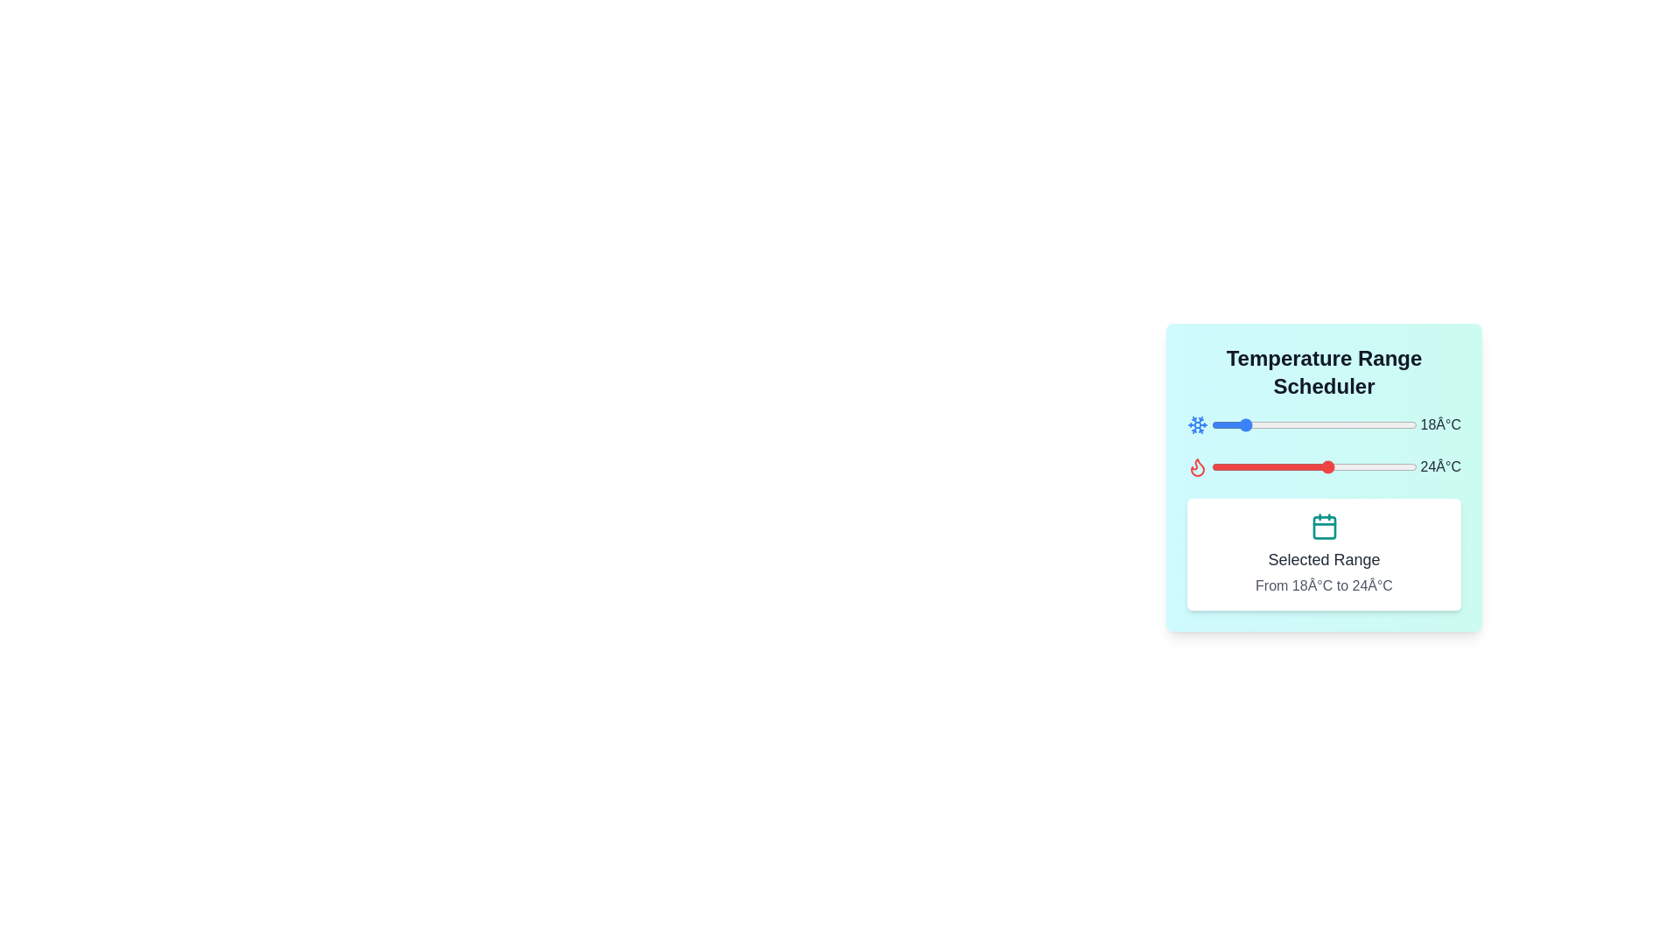 The height and width of the screenshot is (945, 1680). I want to click on the temperature, so click(1329, 465).